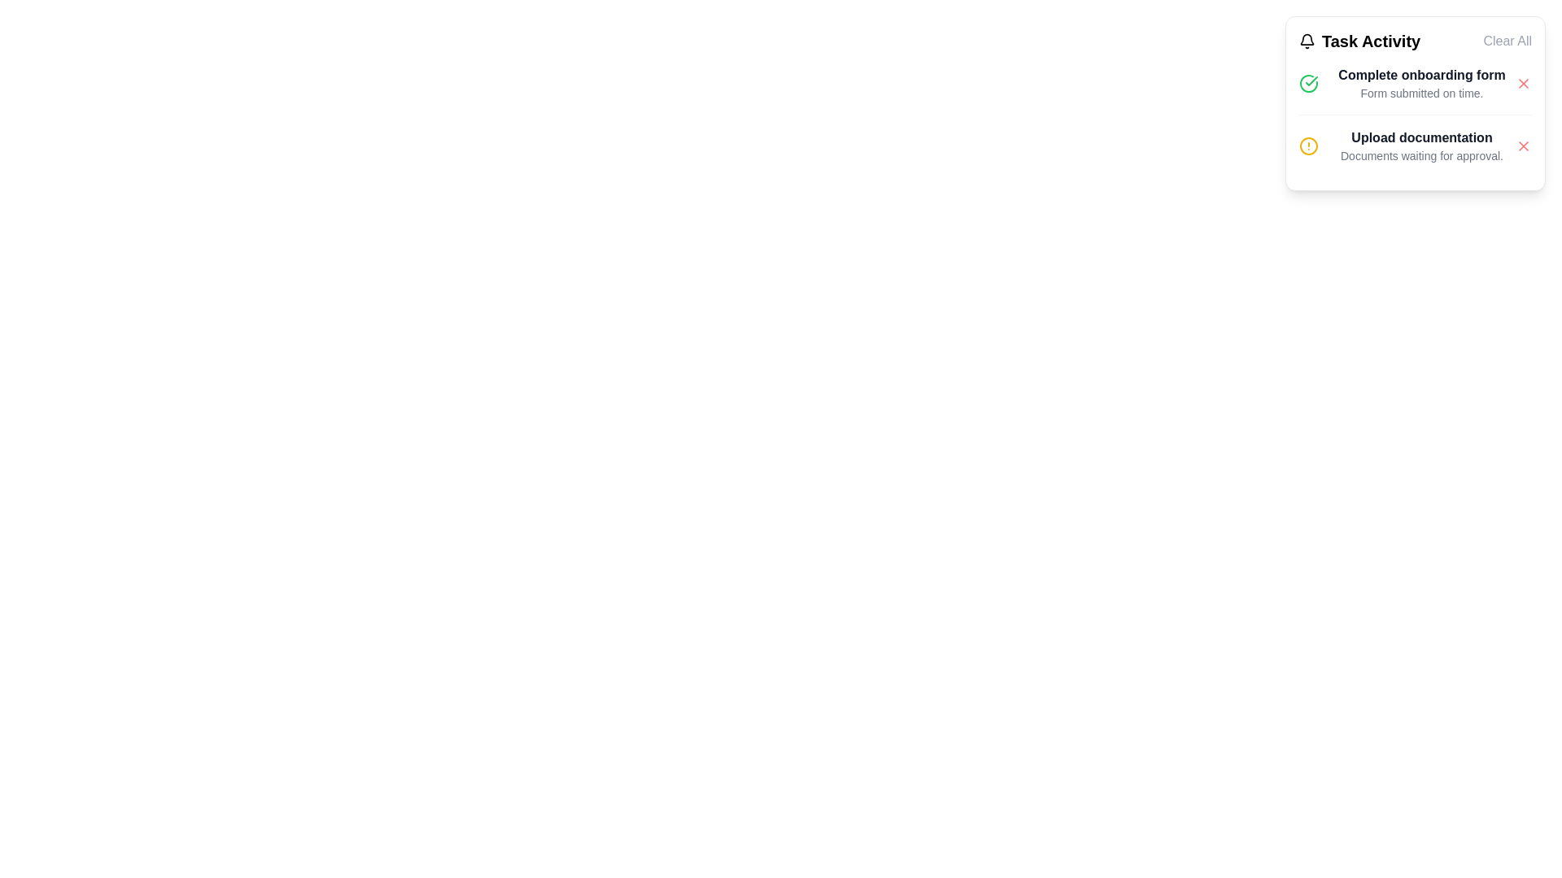  What do you see at coordinates (1522, 84) in the screenshot?
I see `the small red close icon located at the far right of the row labeled 'Complete onboarding form' to observe the color change effect from red-400 to red-600` at bounding box center [1522, 84].